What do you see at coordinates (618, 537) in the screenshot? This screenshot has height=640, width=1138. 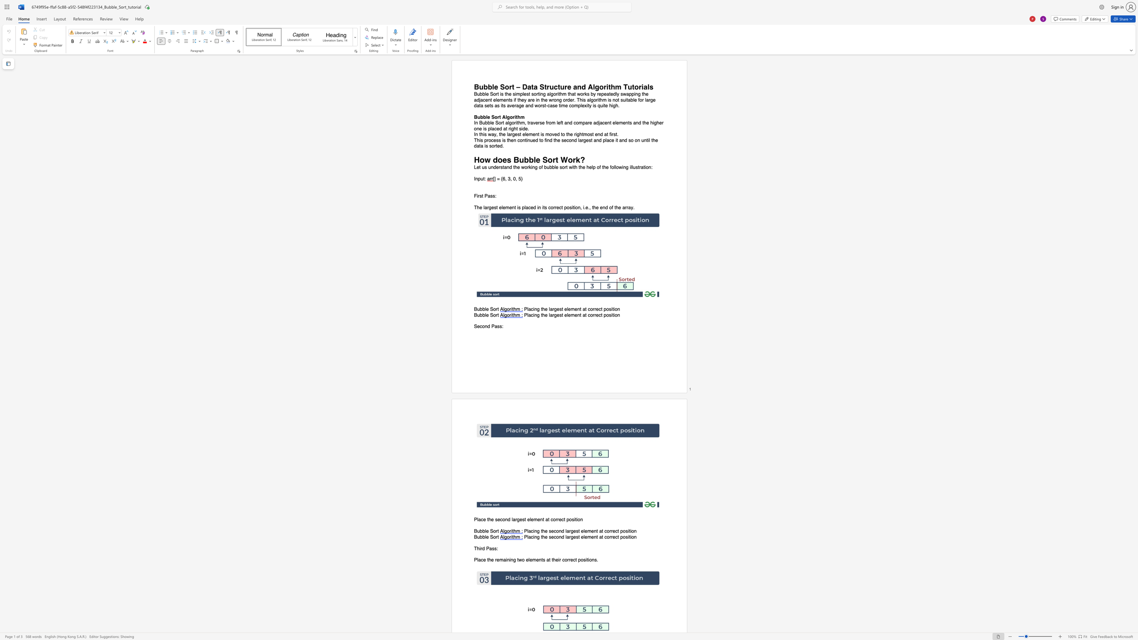 I see `the 5th character "t" in the text` at bounding box center [618, 537].